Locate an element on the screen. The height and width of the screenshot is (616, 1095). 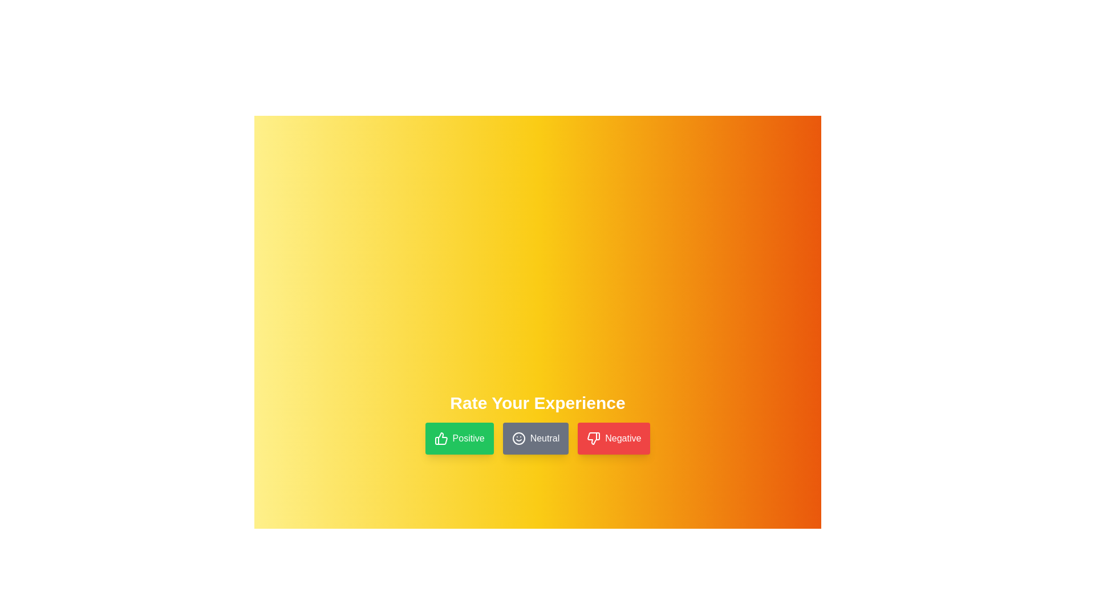
the thumbs-up icon with a green background located next to the text 'Positive' to trigger additional effects is located at coordinates (440, 437).